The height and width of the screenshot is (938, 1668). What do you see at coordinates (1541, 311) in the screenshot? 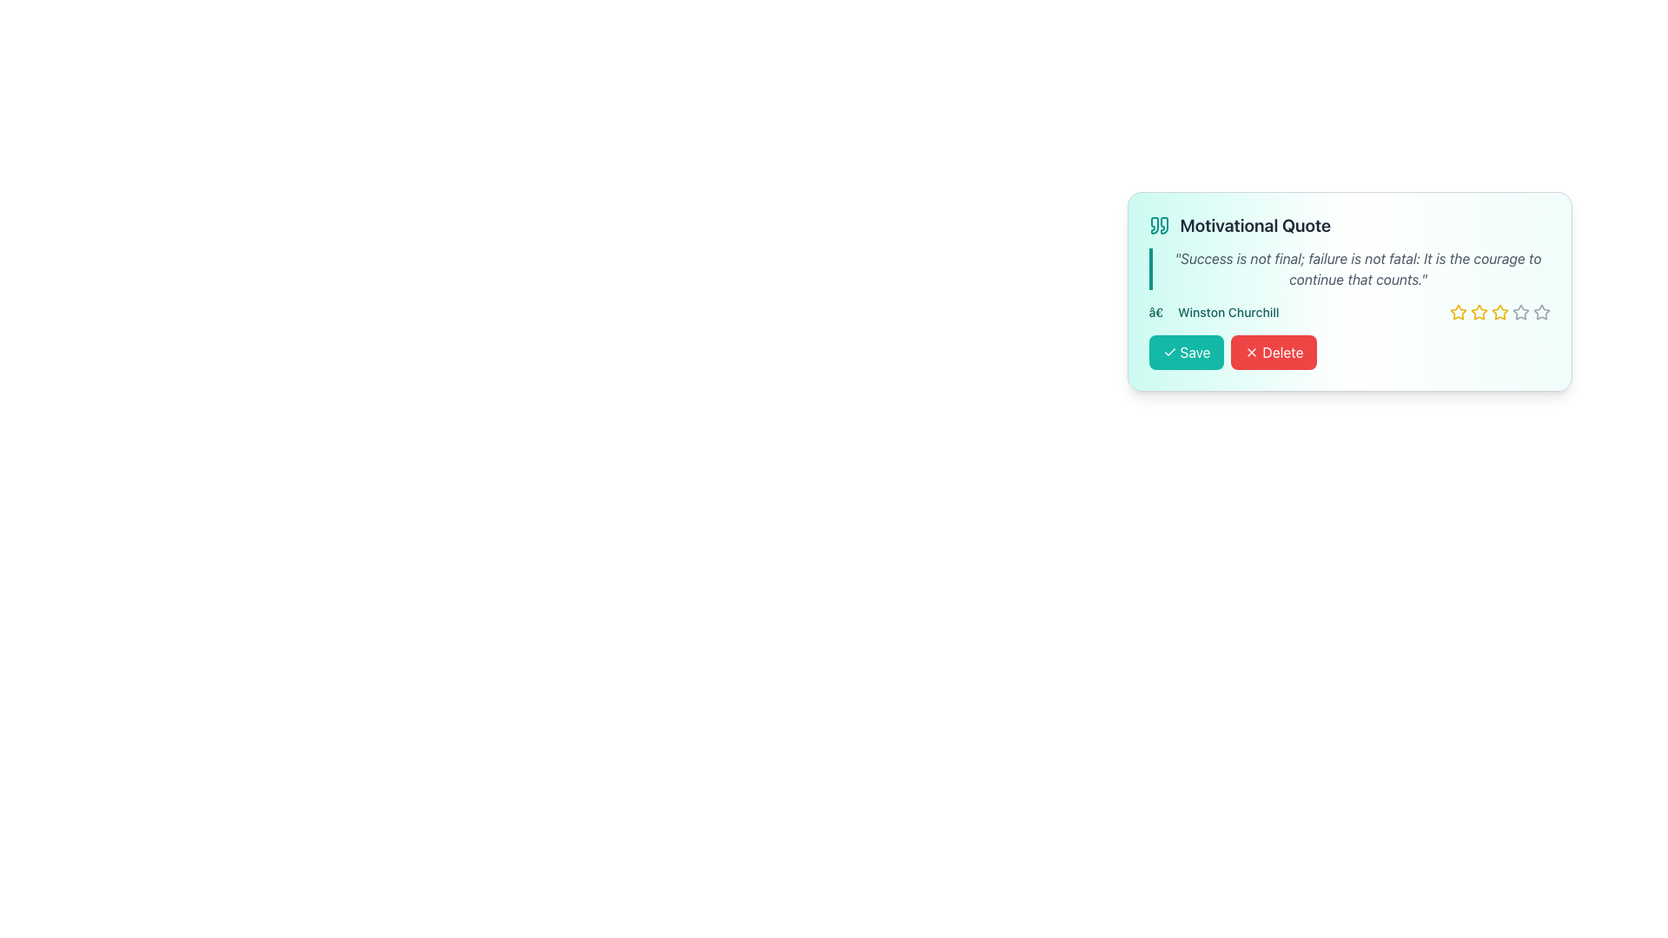
I see `the fifth star icon for rating systems to assign a rating` at bounding box center [1541, 311].